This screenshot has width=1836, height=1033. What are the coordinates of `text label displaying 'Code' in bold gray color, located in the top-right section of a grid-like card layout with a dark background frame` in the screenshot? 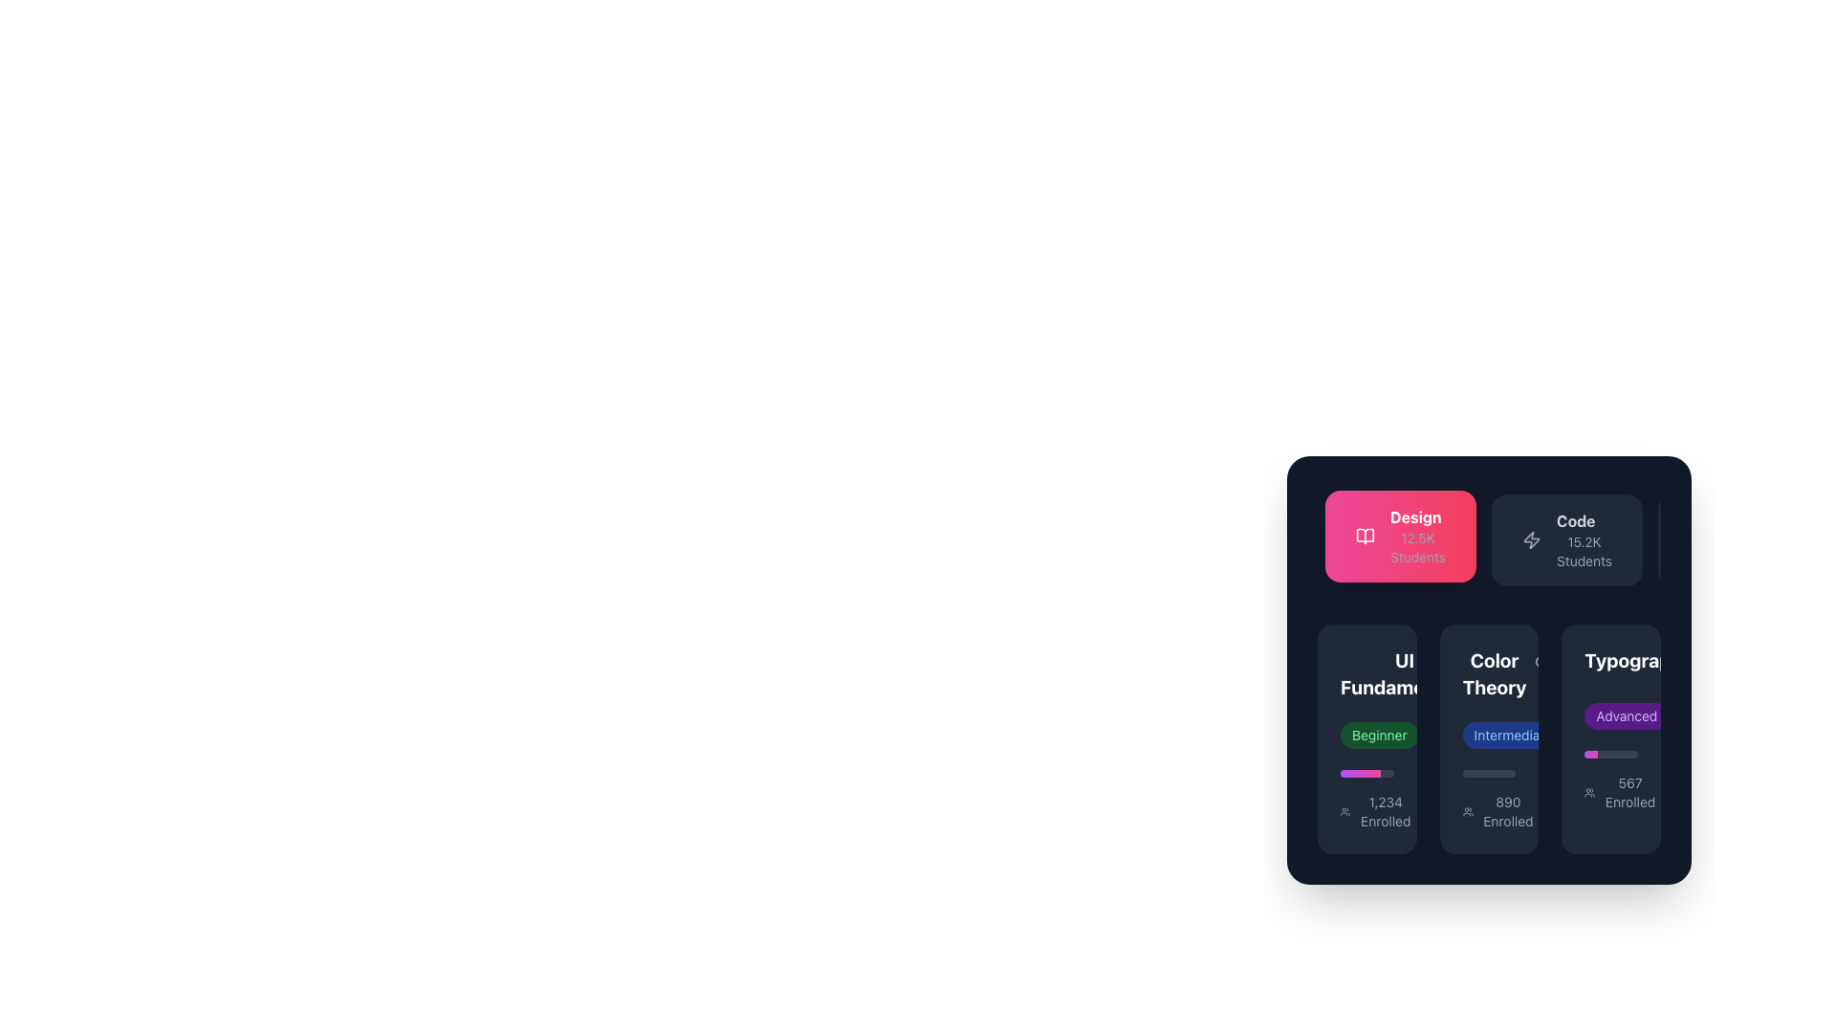 It's located at (1576, 520).